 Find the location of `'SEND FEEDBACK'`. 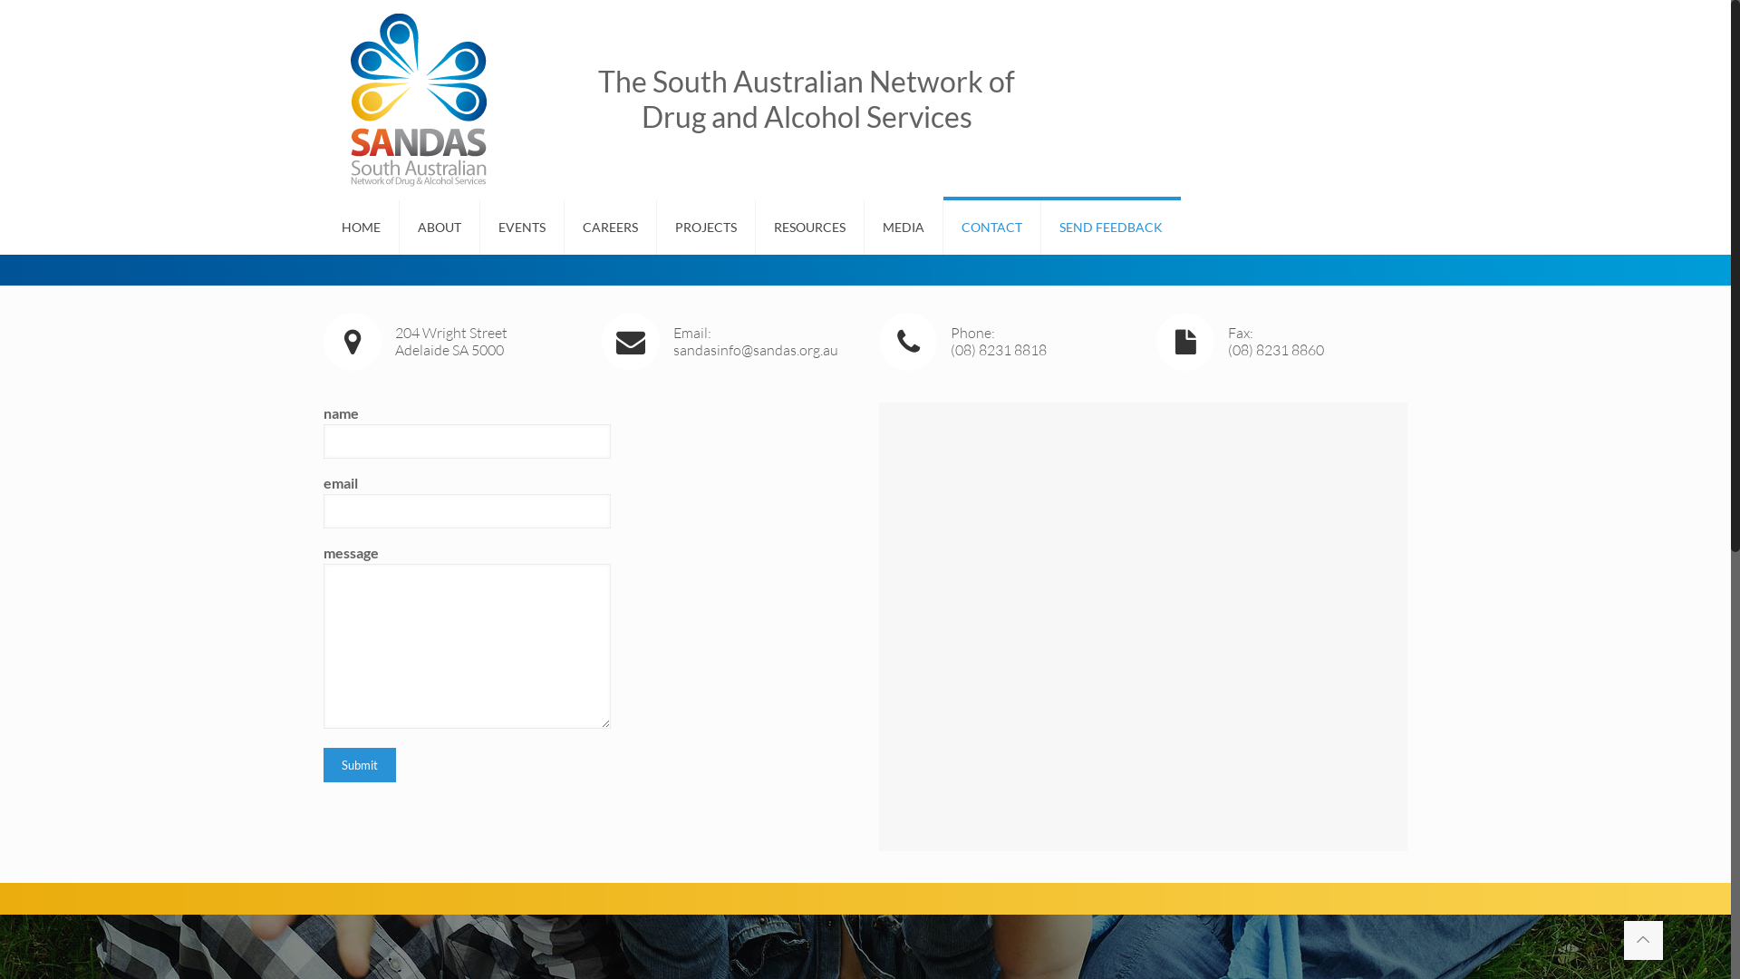

'SEND FEEDBACK' is located at coordinates (1109, 226).